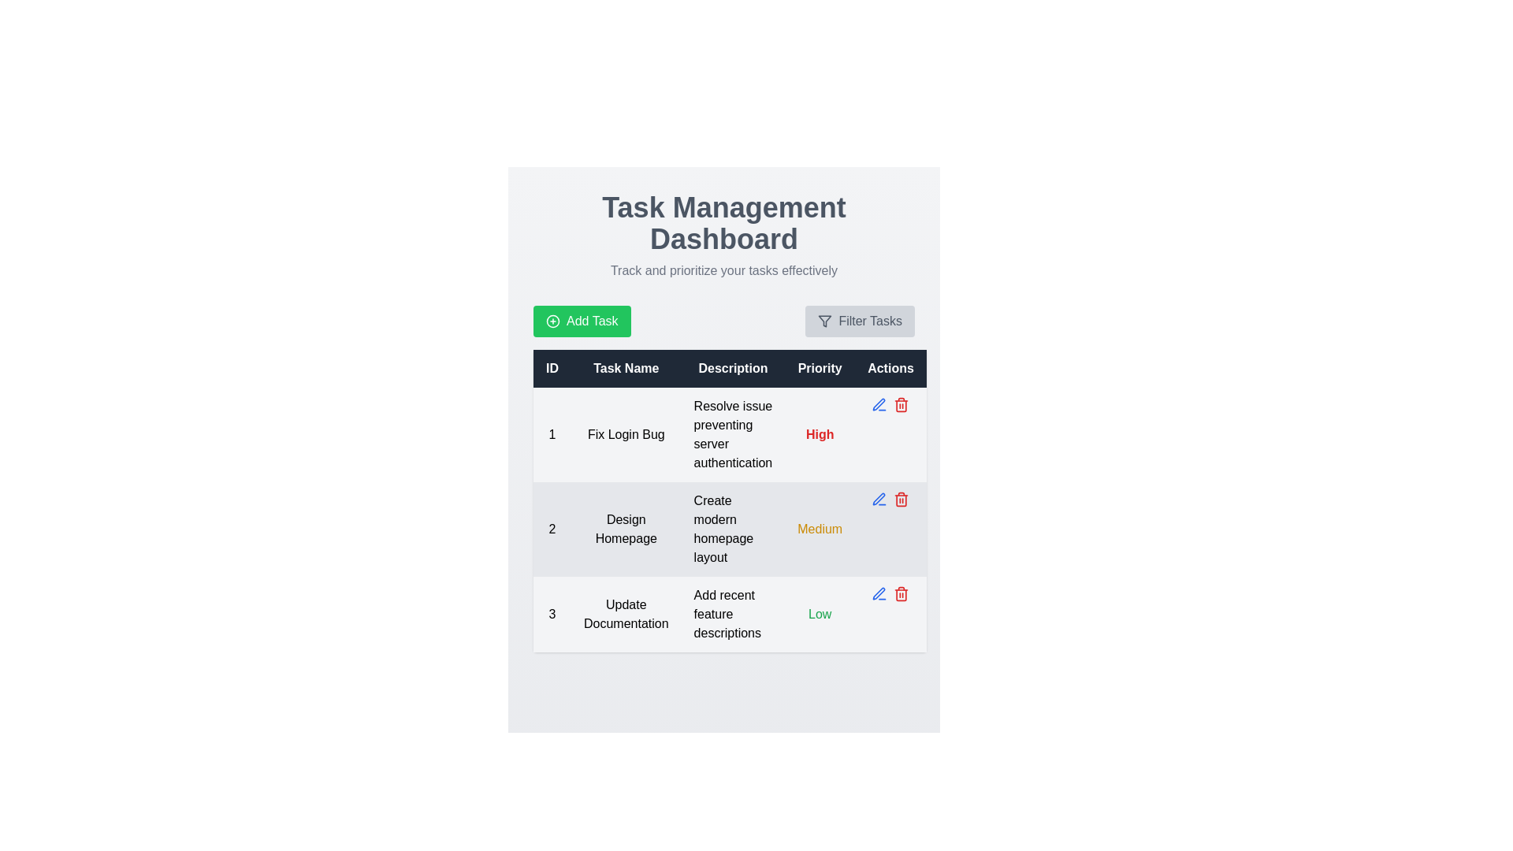  Describe the element at coordinates (879, 403) in the screenshot. I see `the blue pen icon located in the second row of the table under the 'Actions' column to initiate editing` at that location.